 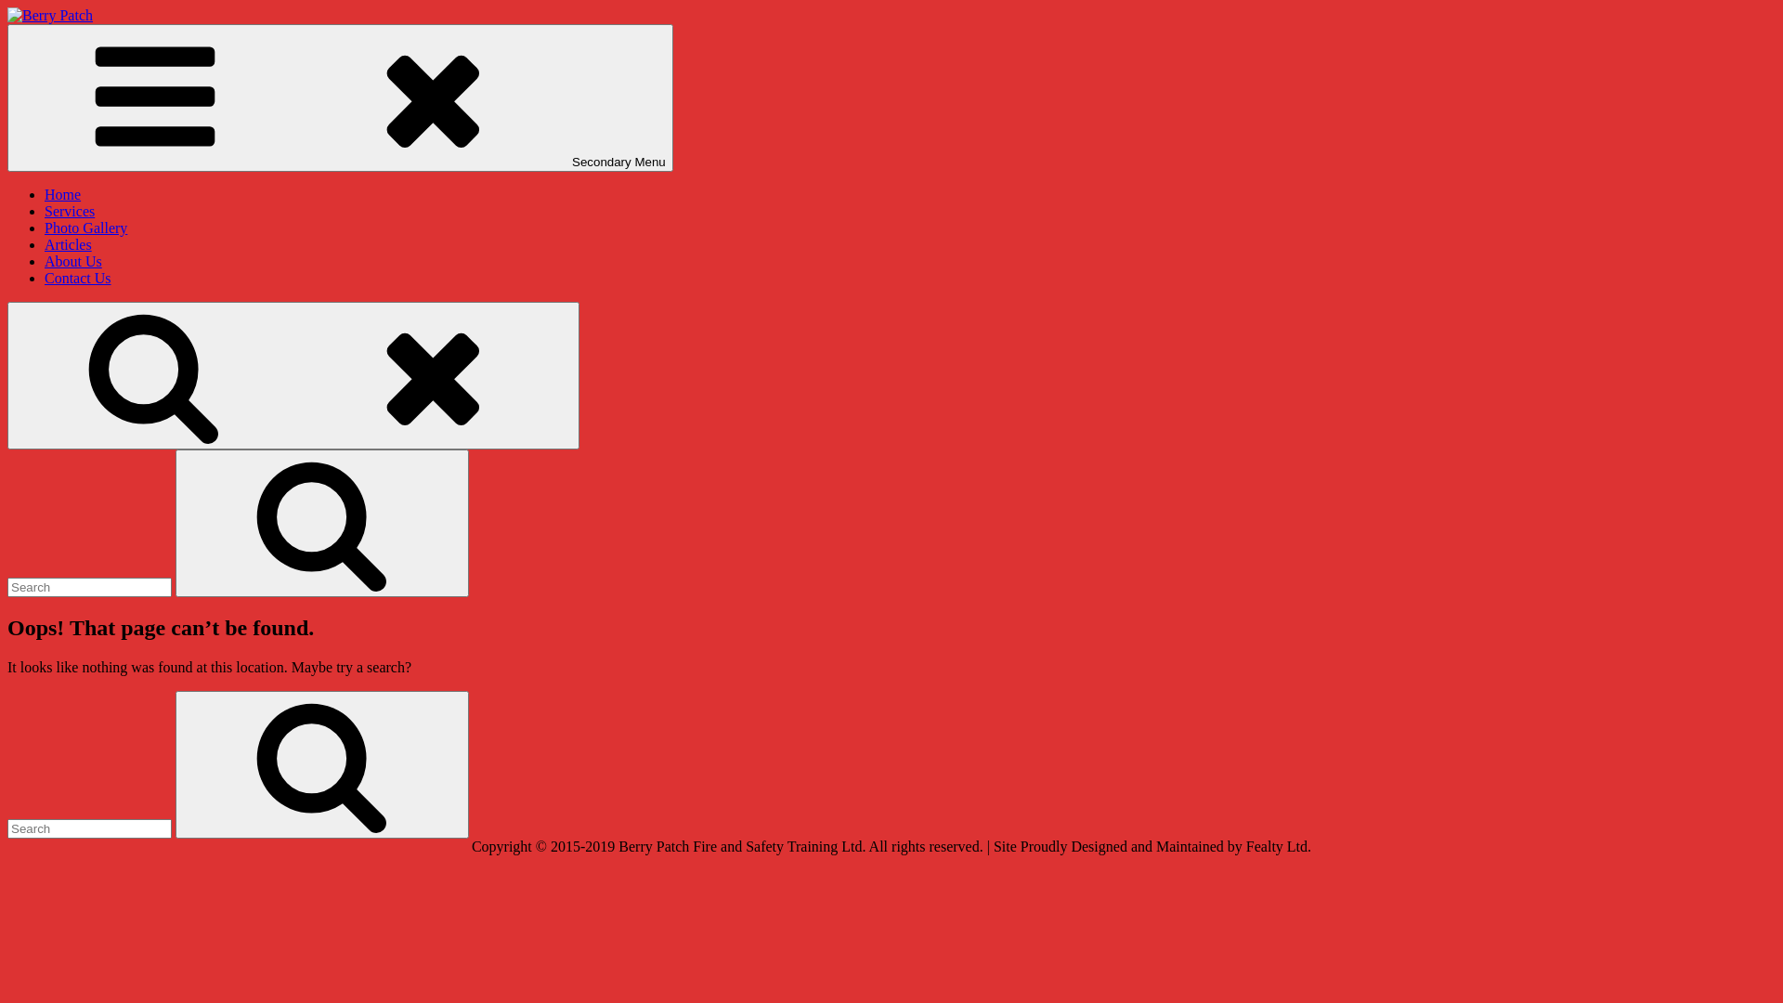 What do you see at coordinates (76, 278) in the screenshot?
I see `'Contact Us'` at bounding box center [76, 278].